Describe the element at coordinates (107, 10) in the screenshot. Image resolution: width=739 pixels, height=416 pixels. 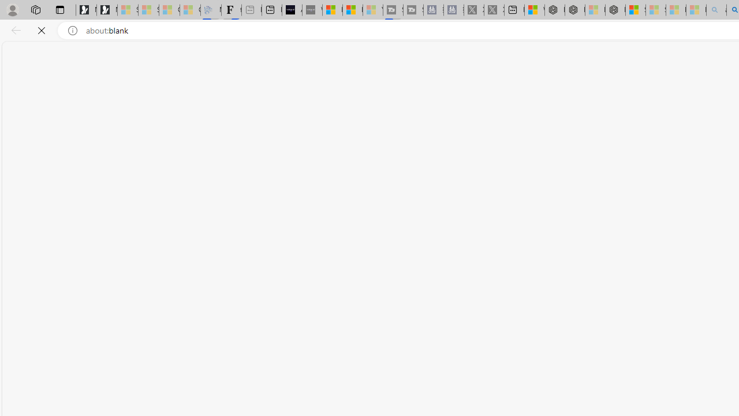
I see `'Newsletter Sign Up'` at that location.